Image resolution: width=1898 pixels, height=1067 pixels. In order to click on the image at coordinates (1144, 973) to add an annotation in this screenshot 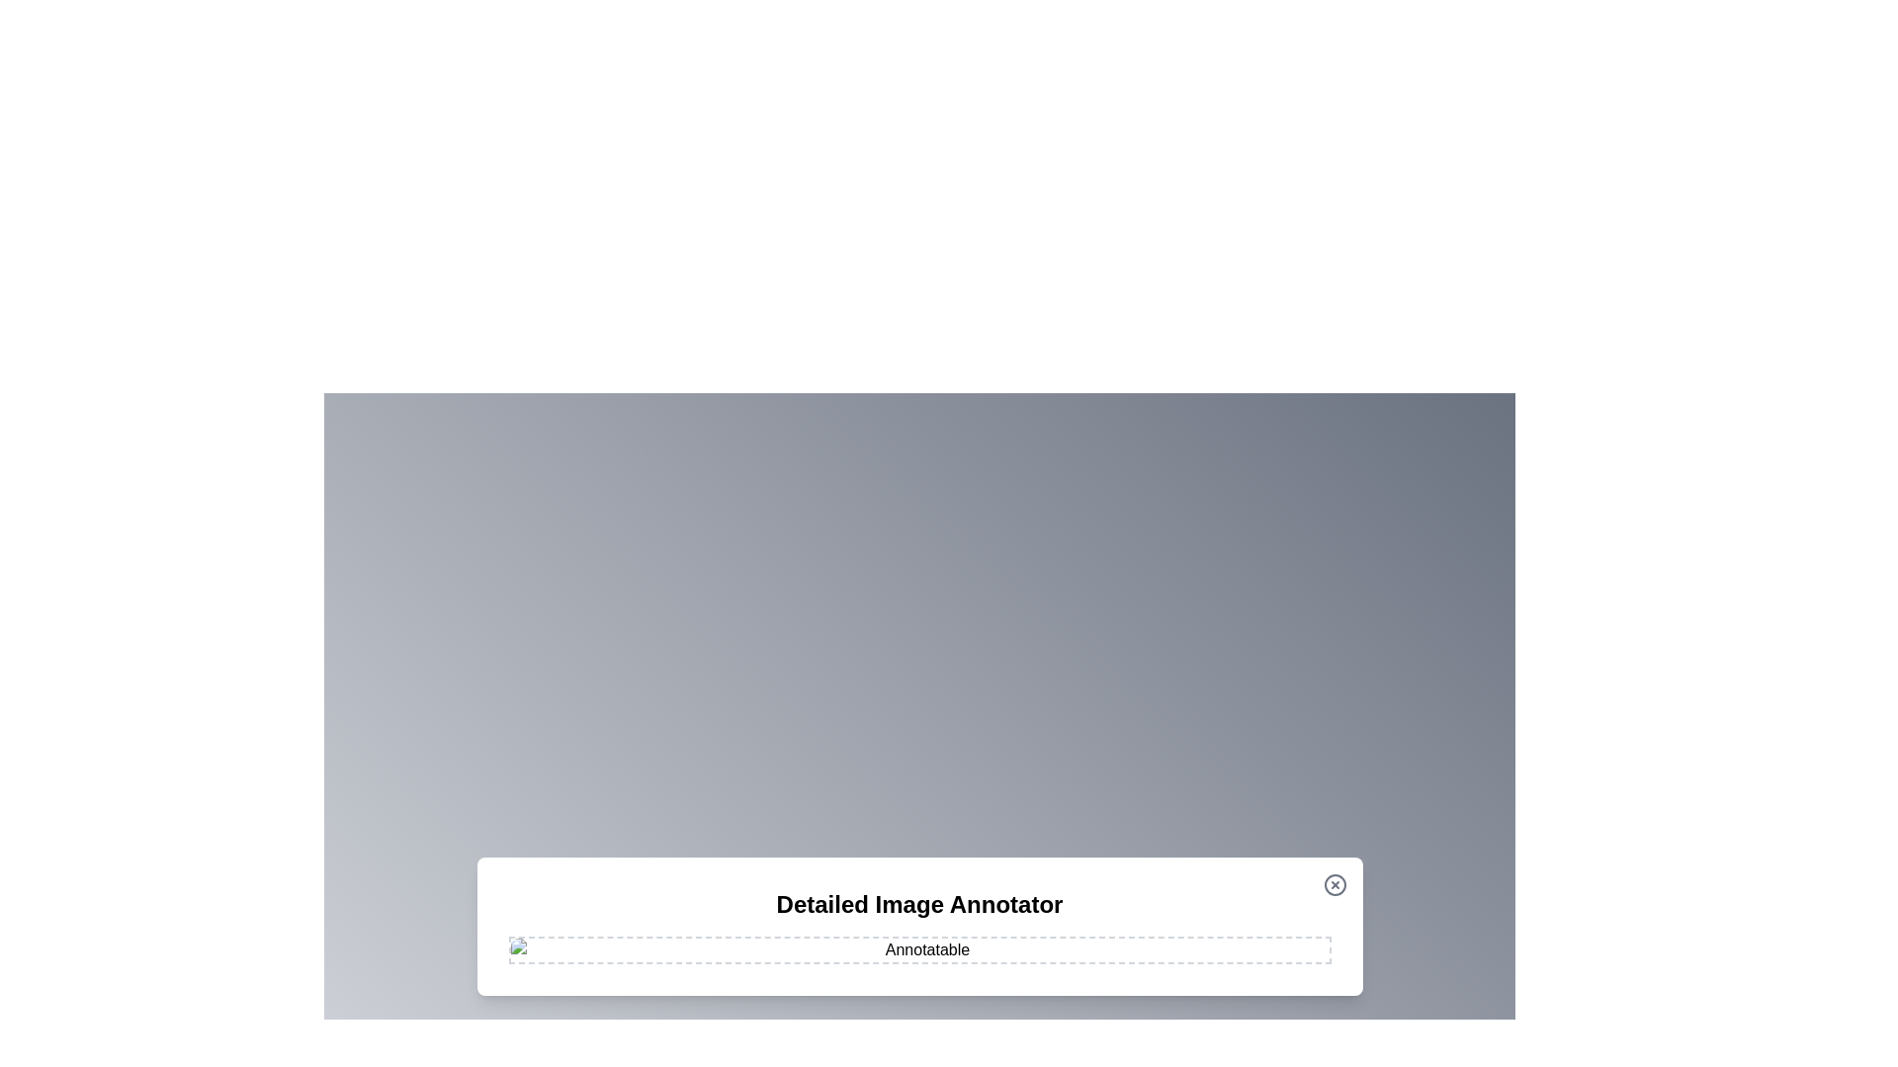, I will do `click(1130, 959)`.